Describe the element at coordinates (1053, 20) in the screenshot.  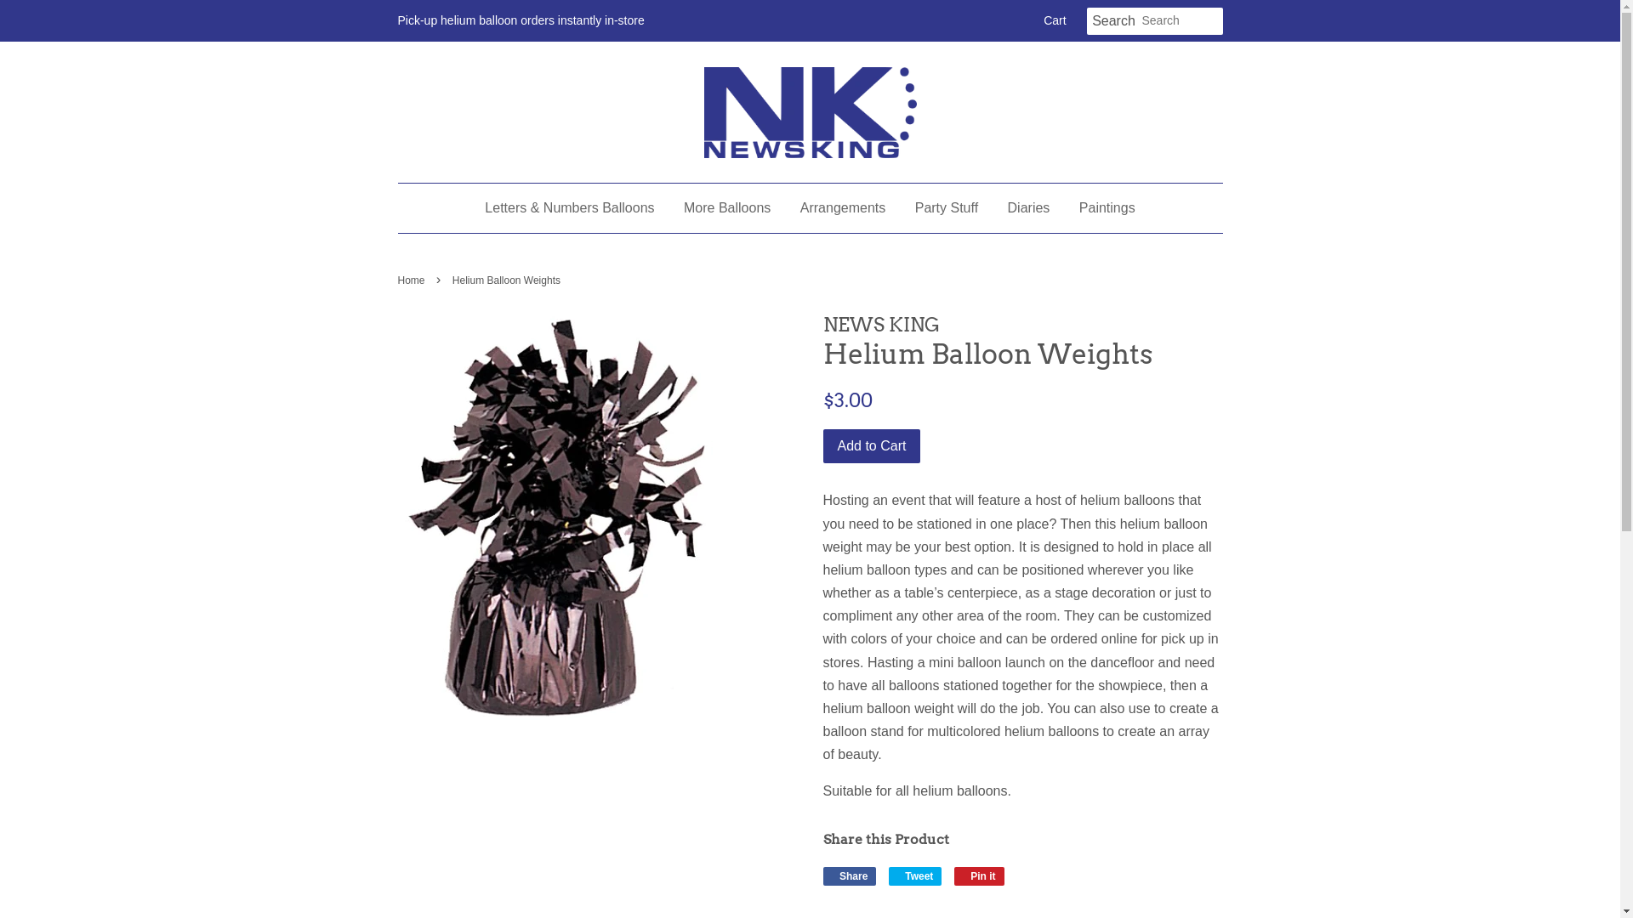
I see `'Cart'` at that location.